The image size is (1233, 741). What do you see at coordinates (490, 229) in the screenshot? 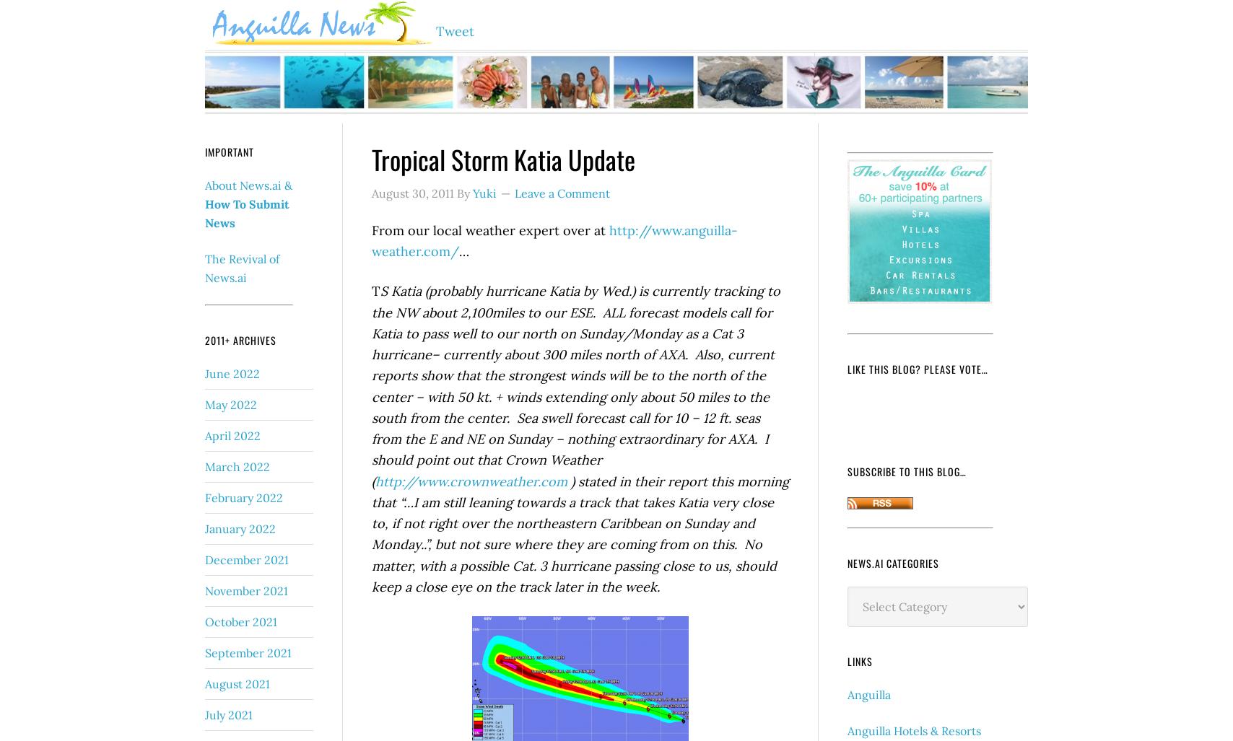
I see `'From our local weather expert over at'` at bounding box center [490, 229].